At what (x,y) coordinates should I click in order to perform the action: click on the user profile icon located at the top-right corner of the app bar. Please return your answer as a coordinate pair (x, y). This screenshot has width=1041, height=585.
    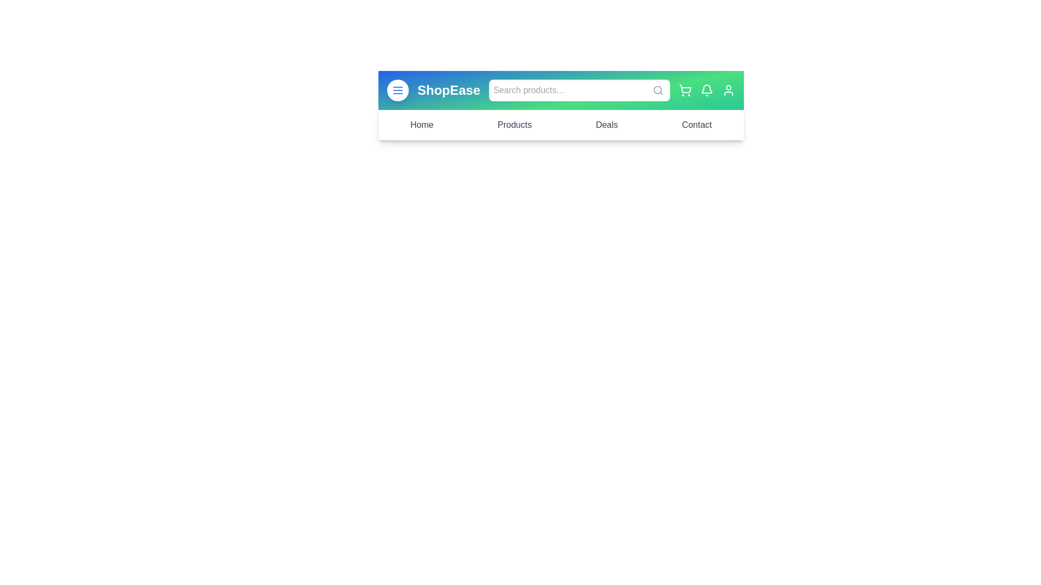
    Looking at the image, I should click on (729, 89).